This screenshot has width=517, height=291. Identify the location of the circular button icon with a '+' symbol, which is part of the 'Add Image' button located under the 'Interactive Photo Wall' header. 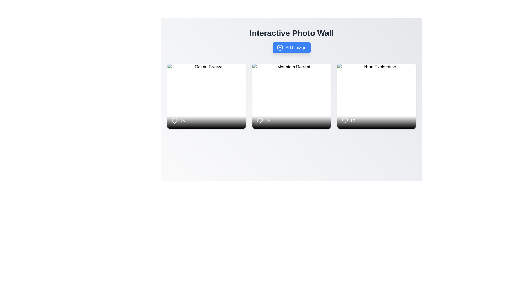
(280, 47).